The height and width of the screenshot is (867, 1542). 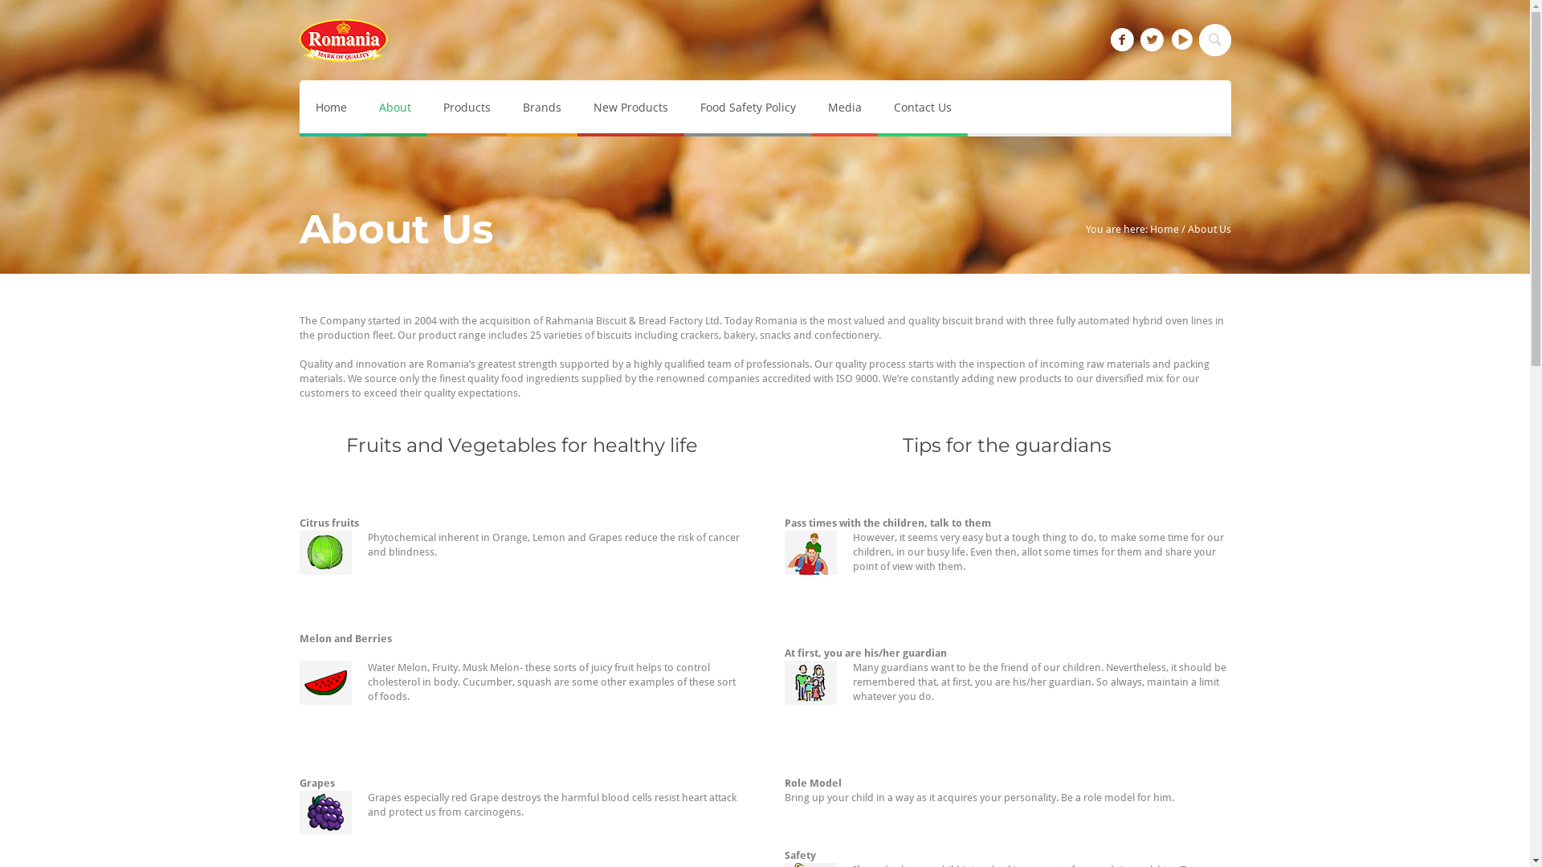 What do you see at coordinates (843, 108) in the screenshot?
I see `'Media'` at bounding box center [843, 108].